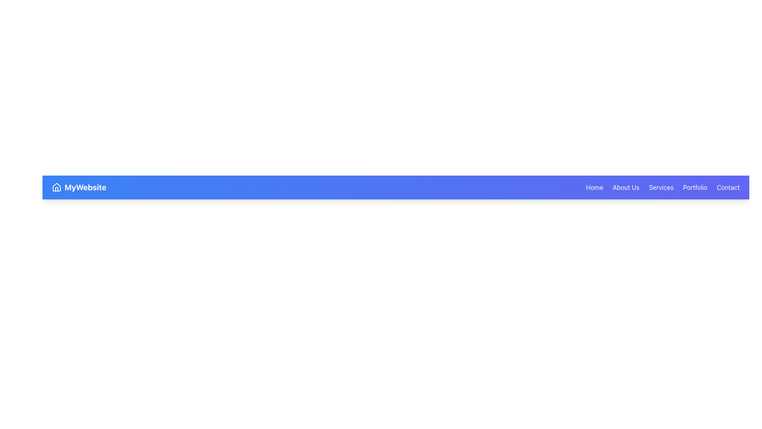  I want to click on the 'About Us' navigation link, which is styled with white text on a blue background and is the second item in the horizontal navigation menu, so click(625, 187).